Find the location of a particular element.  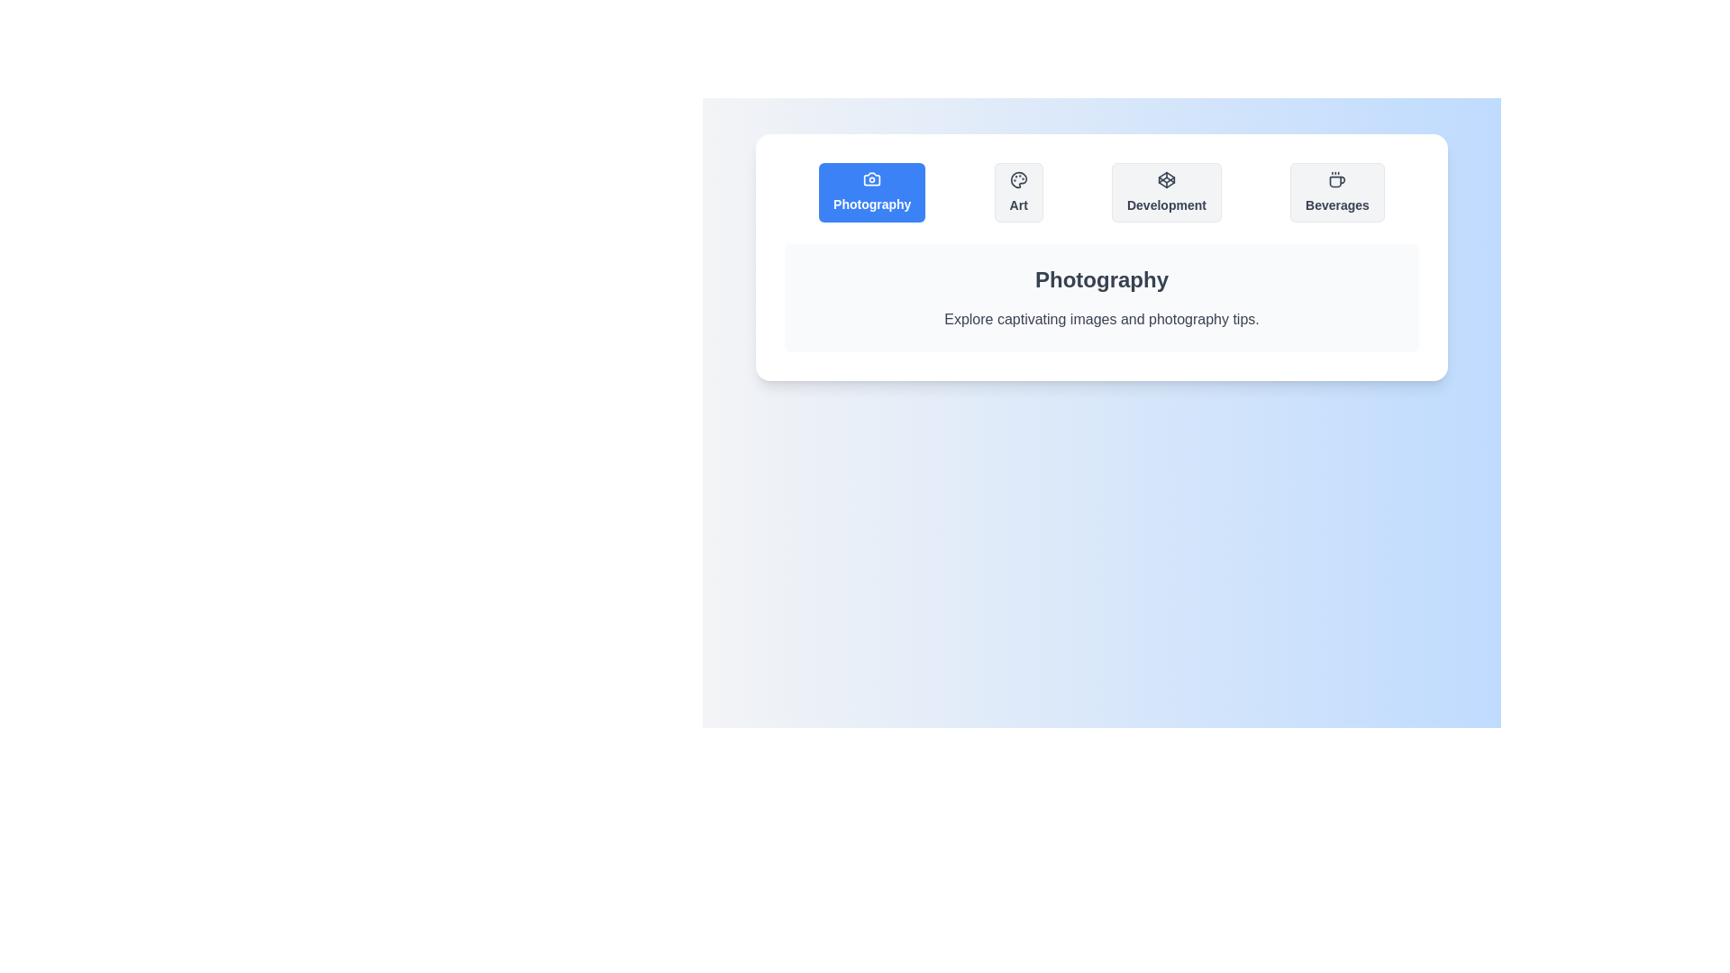

the tab labeled Development to view its content is located at coordinates (1166, 192).